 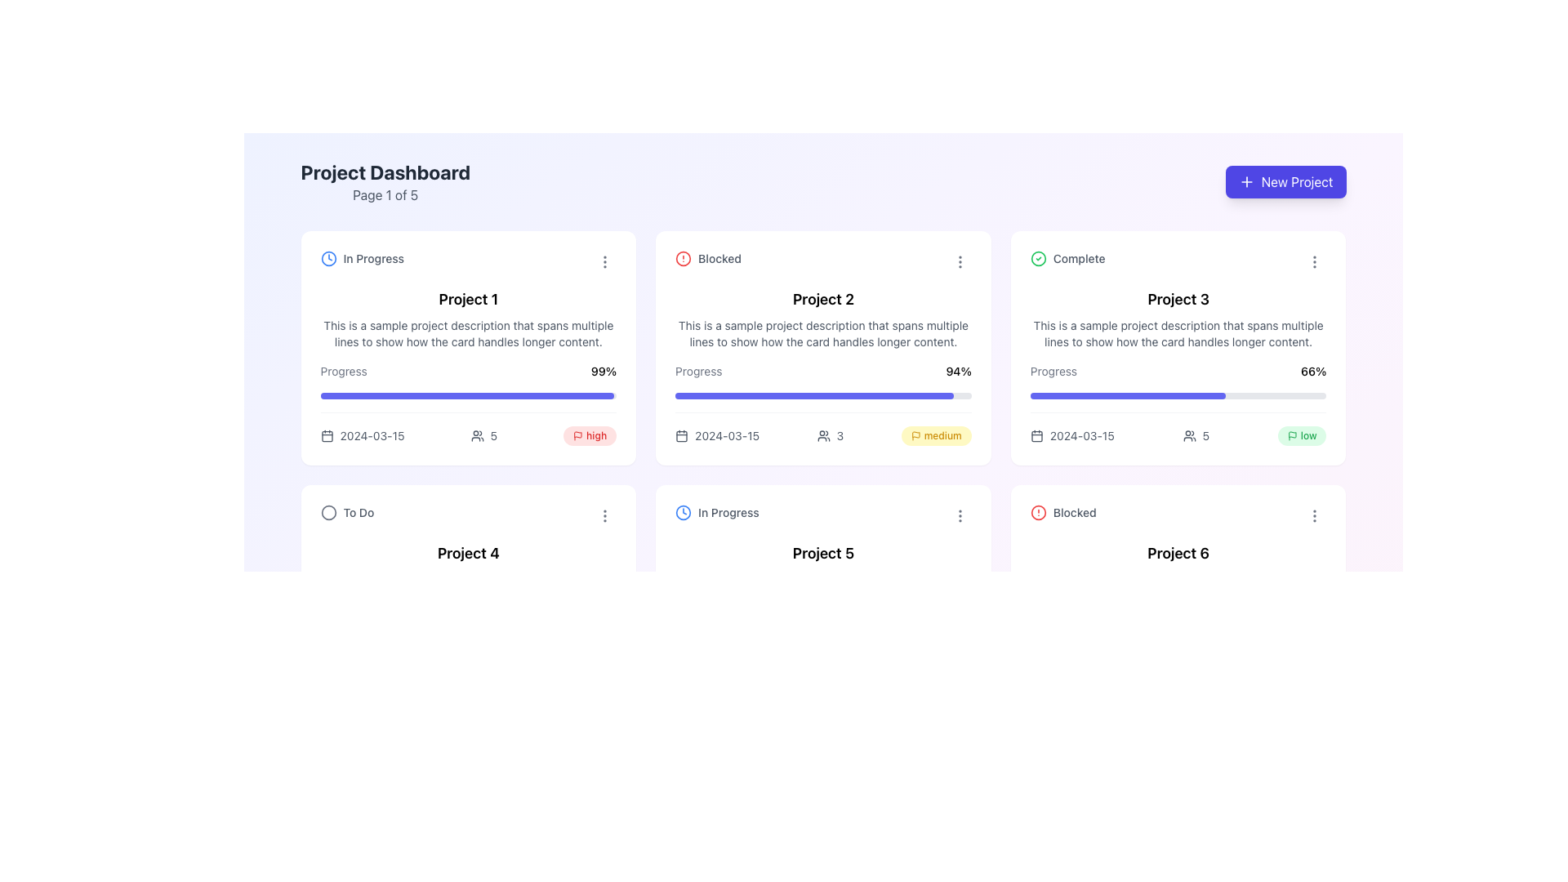 I want to click on the static text label that indicates the current pagination status, displaying 'Page 1 of 5' located beneath the 'Project Dashboard' heading, so click(x=385, y=194).